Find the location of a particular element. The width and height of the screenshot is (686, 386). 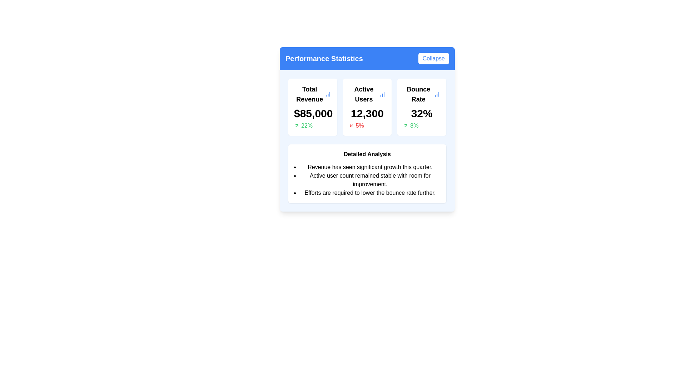

properties of the upward trend icon located to the left of the '22%' green text within the Total Revenue card in the bottom-left corner is located at coordinates (297, 125).